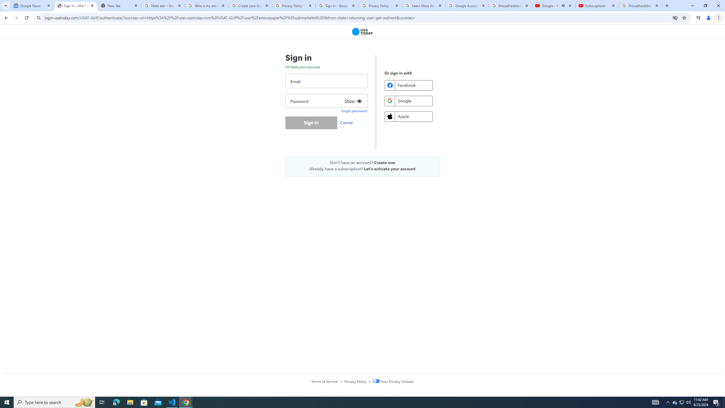 Image resolution: width=725 pixels, height=408 pixels. I want to click on 'Google News', so click(32, 5).